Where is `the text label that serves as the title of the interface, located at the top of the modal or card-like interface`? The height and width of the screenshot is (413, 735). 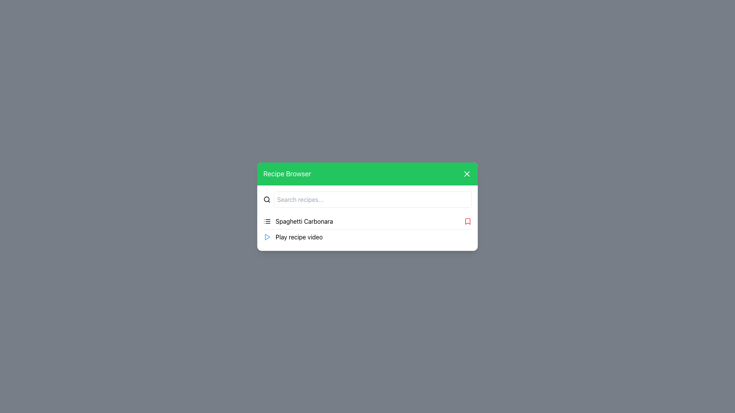
the text label that serves as the title of the interface, located at the top of the modal or card-like interface is located at coordinates (287, 174).